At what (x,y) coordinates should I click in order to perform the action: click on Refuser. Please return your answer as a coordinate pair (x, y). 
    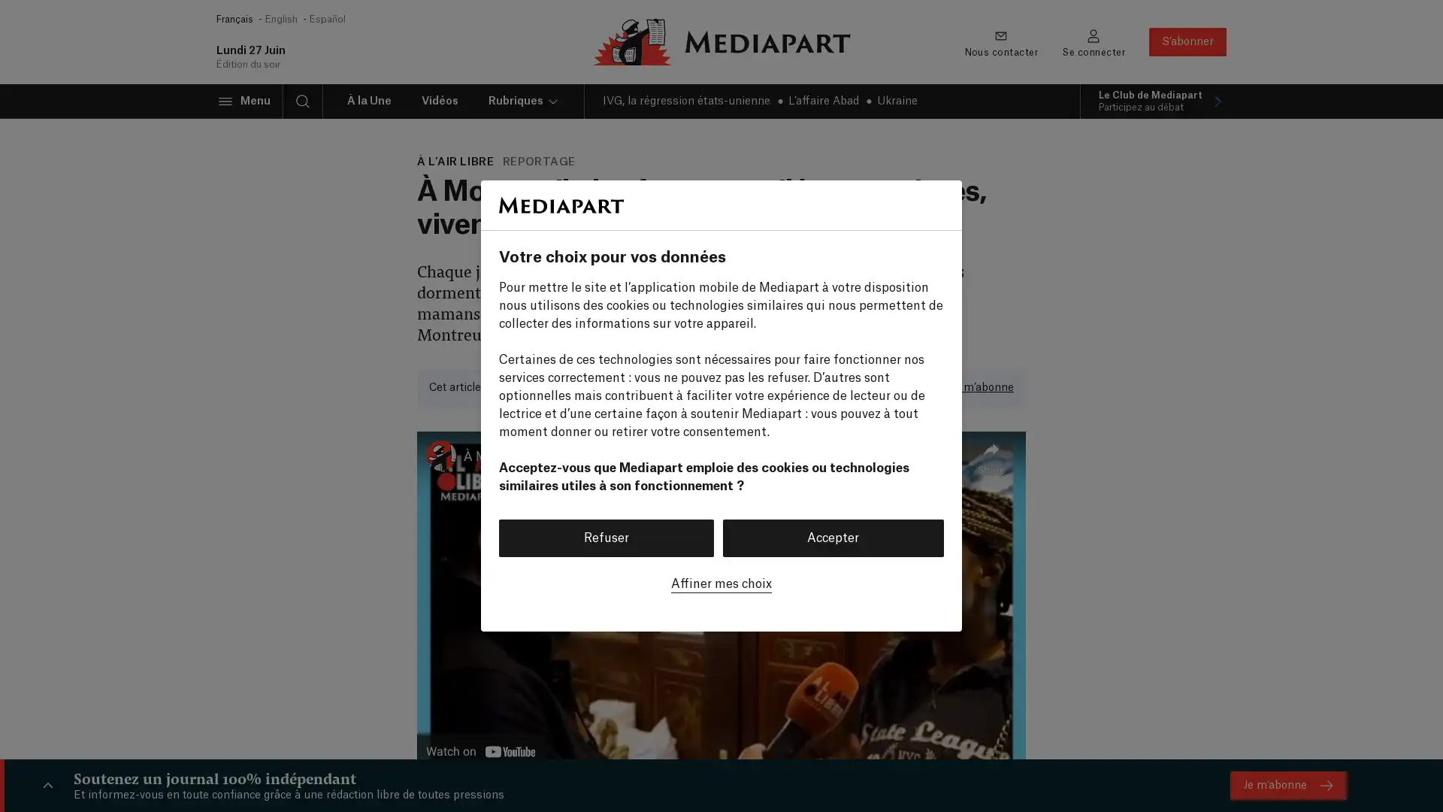
    Looking at the image, I should click on (606, 536).